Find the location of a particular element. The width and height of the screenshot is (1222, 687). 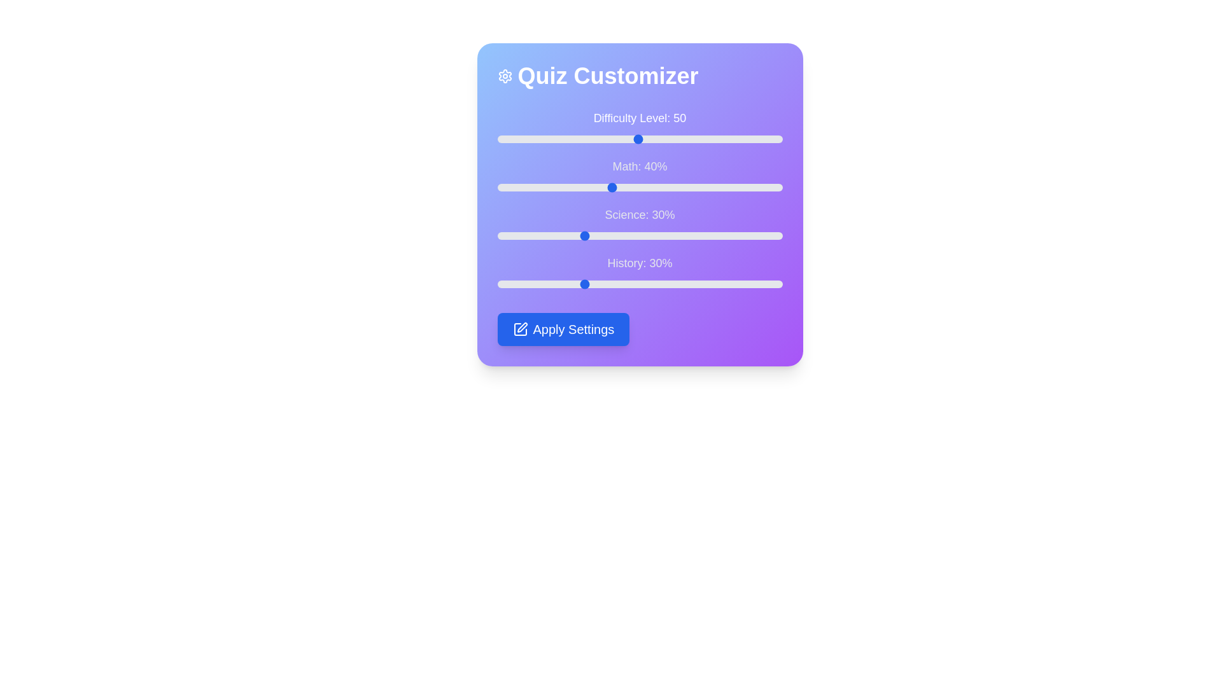

the difficulty level slider to 63 is located at coordinates (676, 139).